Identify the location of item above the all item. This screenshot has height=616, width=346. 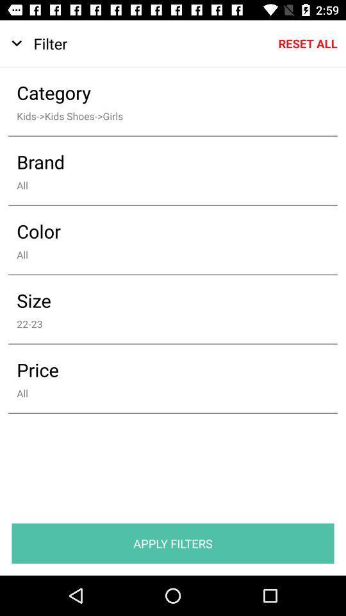
(164, 231).